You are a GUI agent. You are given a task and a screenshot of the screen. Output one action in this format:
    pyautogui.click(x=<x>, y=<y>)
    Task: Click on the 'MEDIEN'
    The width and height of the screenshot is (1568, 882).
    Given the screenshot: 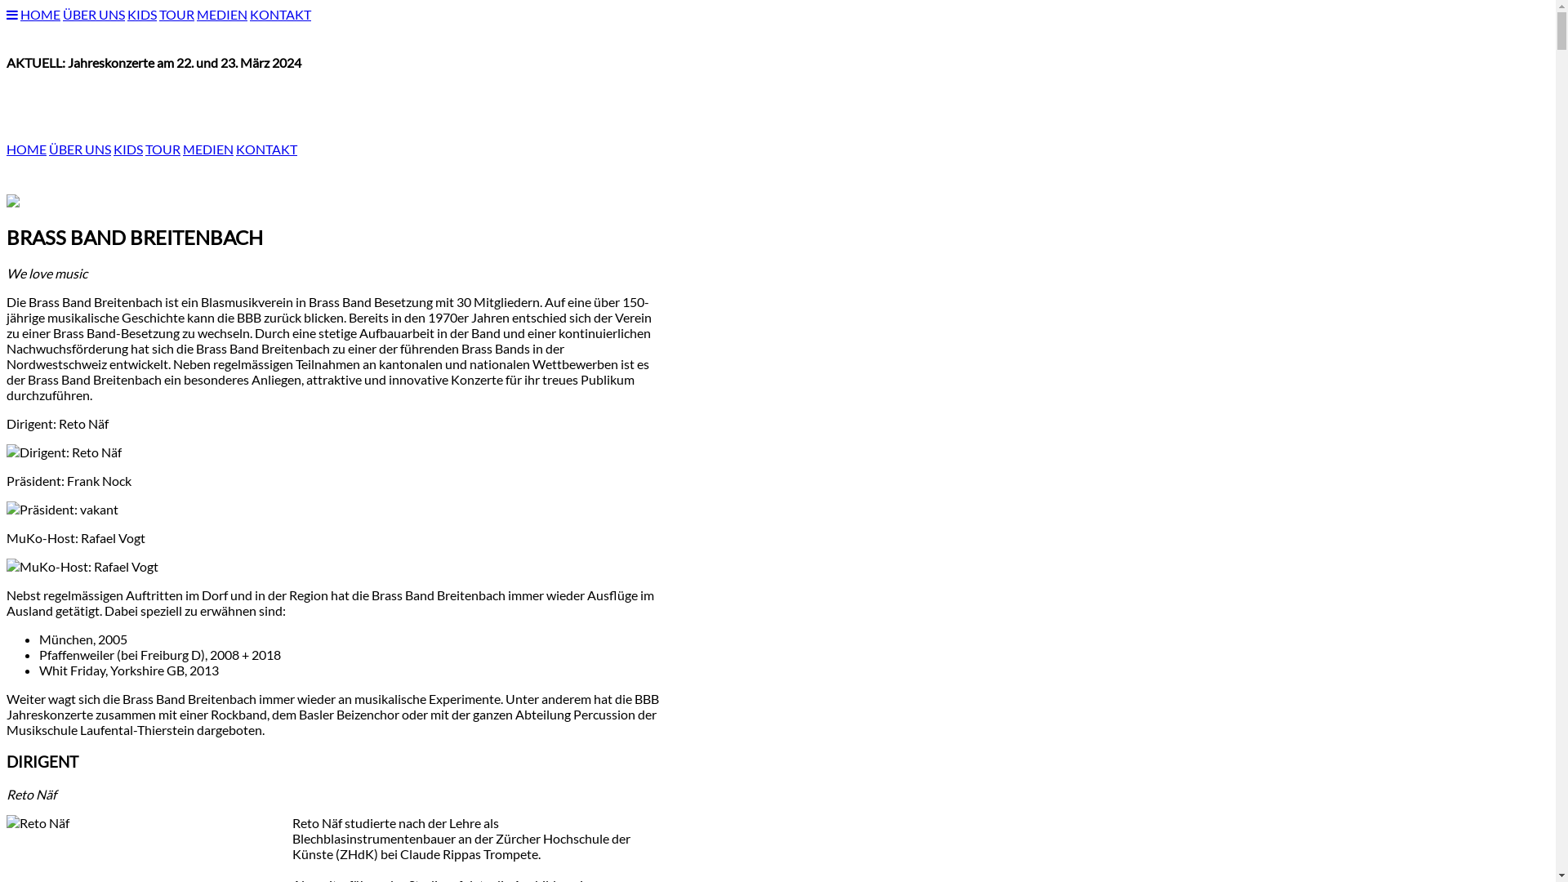 What is the action you would take?
    pyautogui.click(x=183, y=149)
    